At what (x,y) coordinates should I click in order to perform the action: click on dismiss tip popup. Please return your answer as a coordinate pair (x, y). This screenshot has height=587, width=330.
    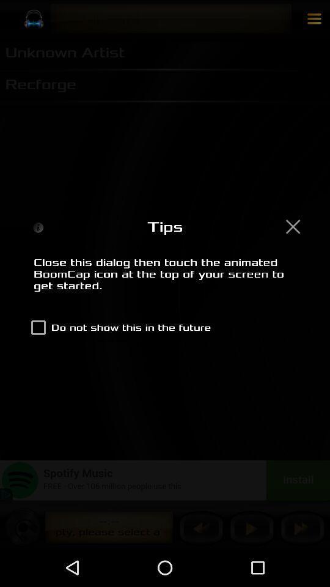
    Looking at the image, I should click on (292, 226).